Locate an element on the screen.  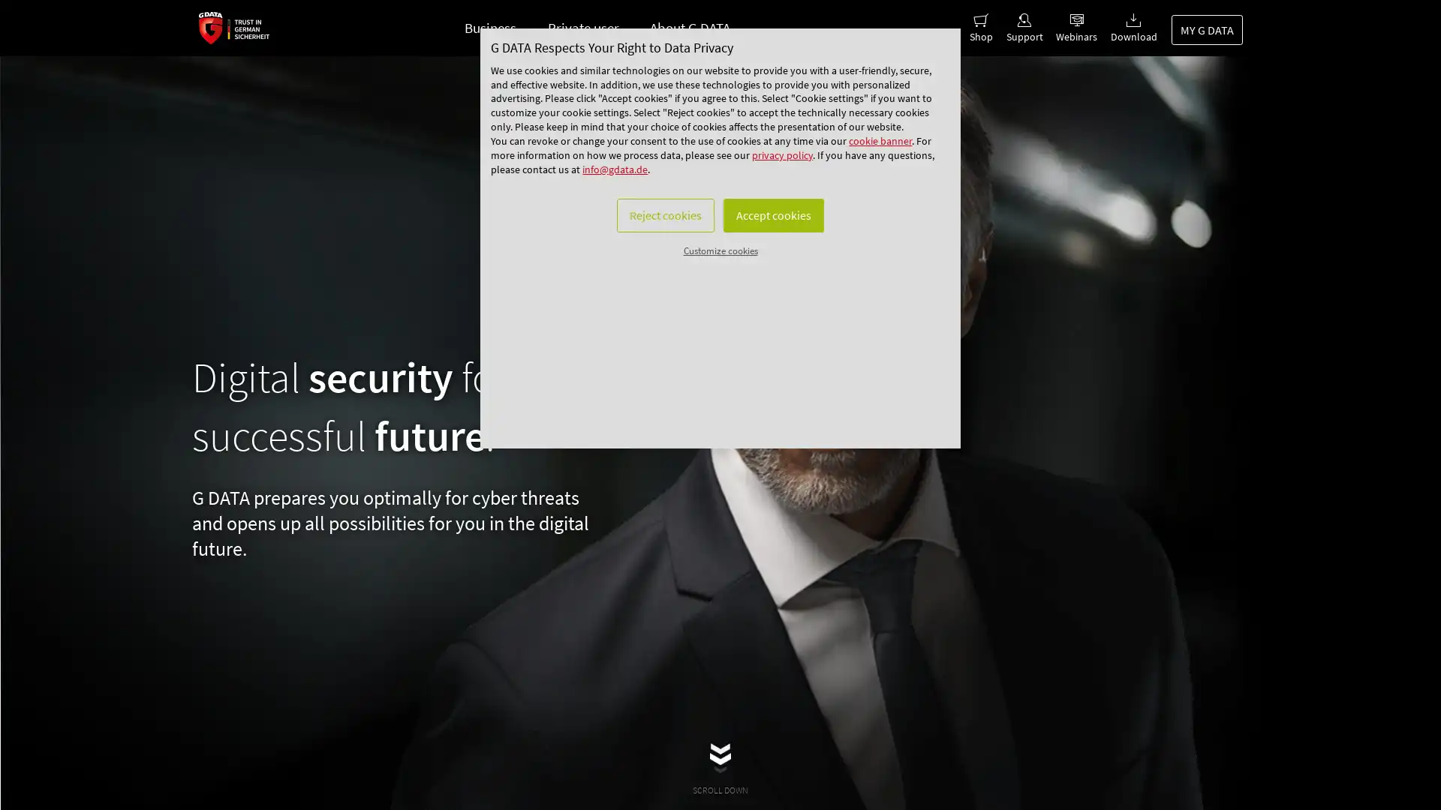
Accept cookies is located at coordinates (785, 297).